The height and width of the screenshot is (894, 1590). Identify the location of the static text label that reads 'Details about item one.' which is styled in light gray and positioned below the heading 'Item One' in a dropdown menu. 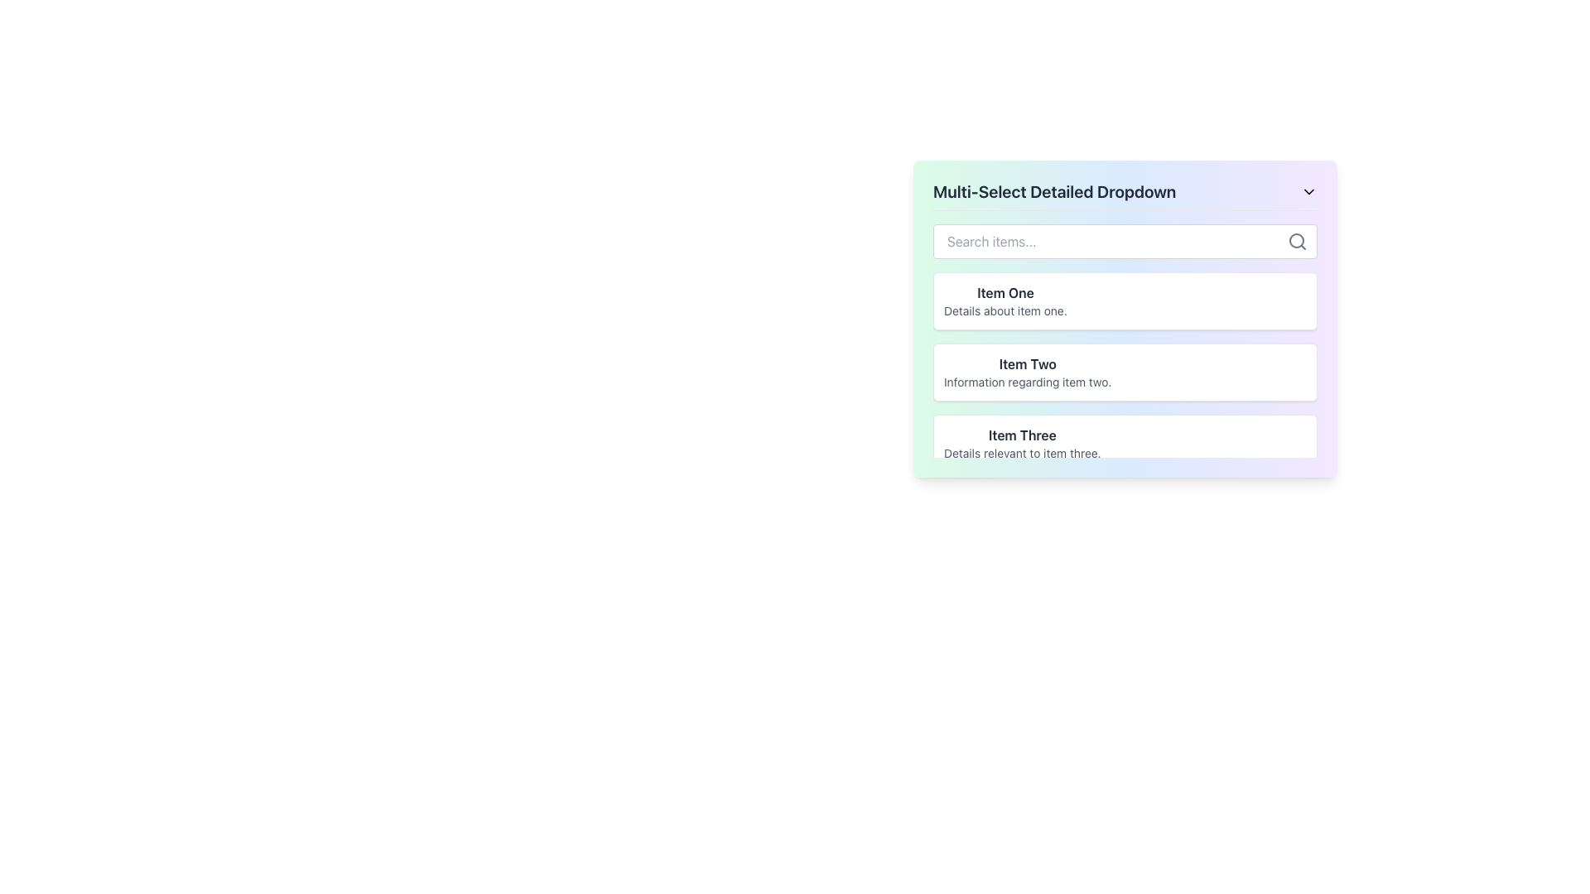
(1005, 310).